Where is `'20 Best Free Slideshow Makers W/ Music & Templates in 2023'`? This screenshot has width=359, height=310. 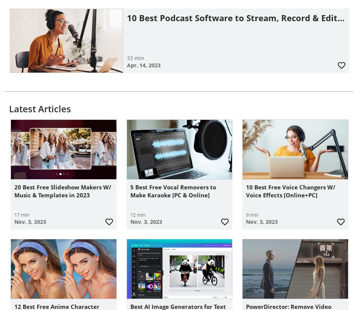
'20 Best Free Slideshow Makers W/ Music & Templates in 2023' is located at coordinates (62, 191).